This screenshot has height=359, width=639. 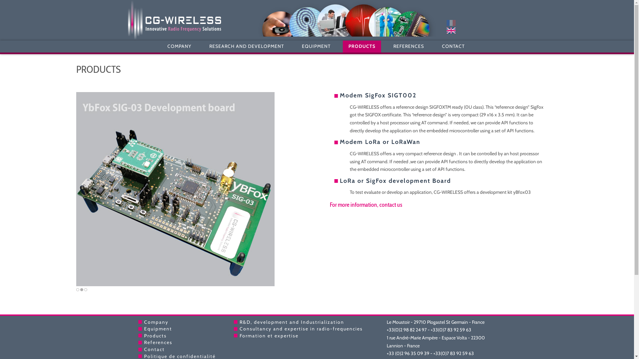 What do you see at coordinates (85, 289) in the screenshot?
I see `'3'` at bounding box center [85, 289].